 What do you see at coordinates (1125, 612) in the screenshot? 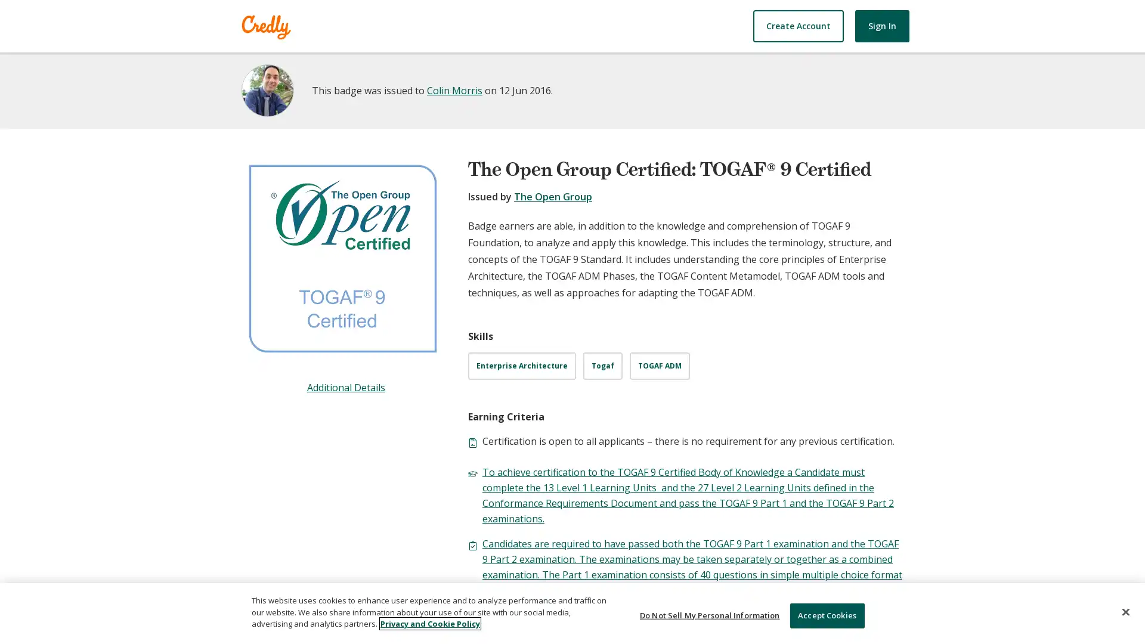
I see `Close` at bounding box center [1125, 612].